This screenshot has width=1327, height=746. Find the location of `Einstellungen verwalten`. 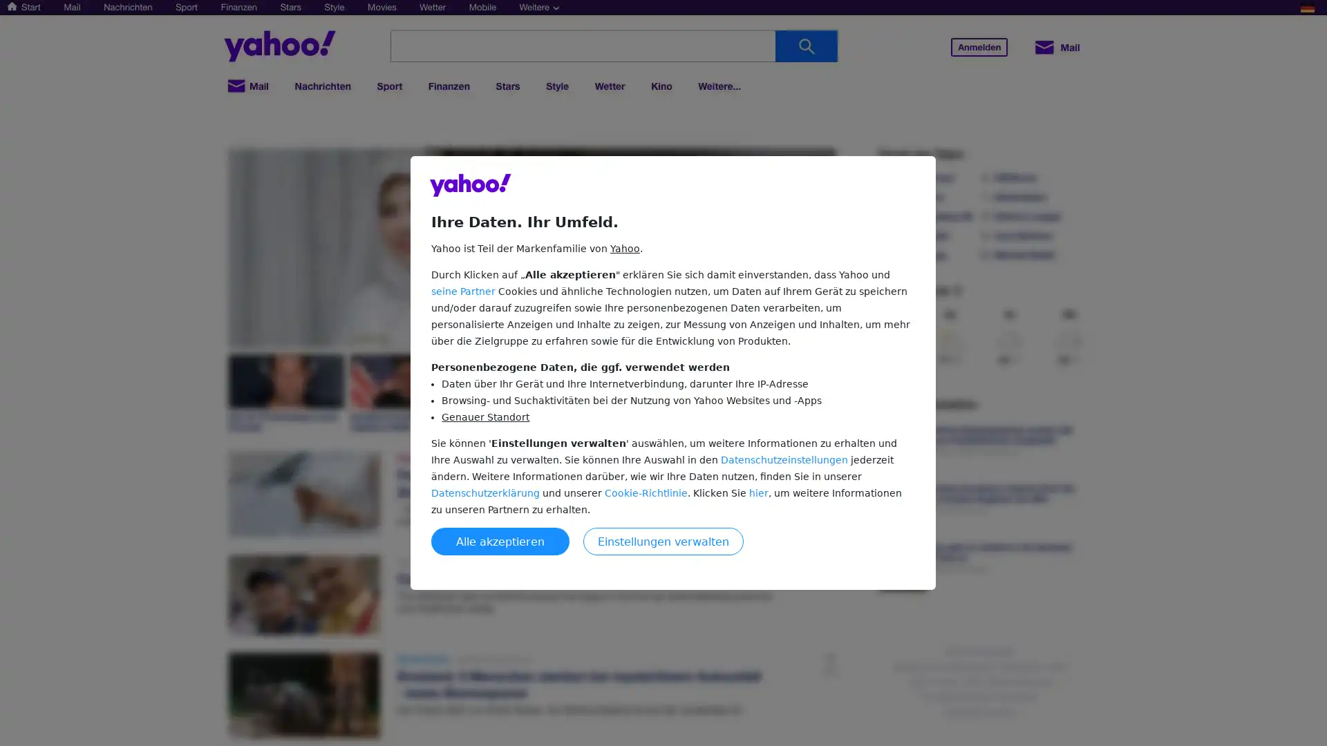

Einstellungen verwalten is located at coordinates (663, 540).